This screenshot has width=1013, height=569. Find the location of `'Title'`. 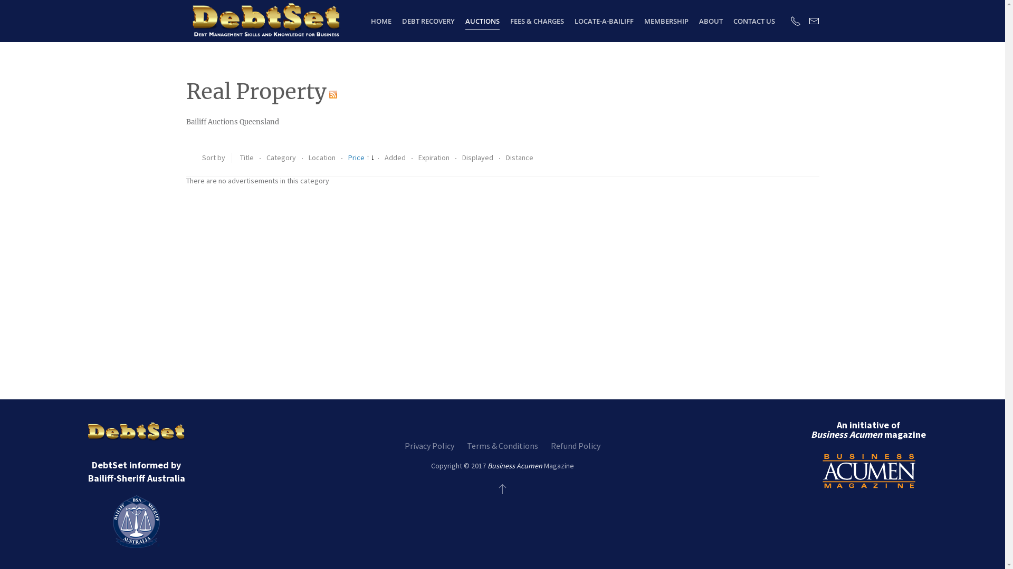

'Title' is located at coordinates (239, 158).